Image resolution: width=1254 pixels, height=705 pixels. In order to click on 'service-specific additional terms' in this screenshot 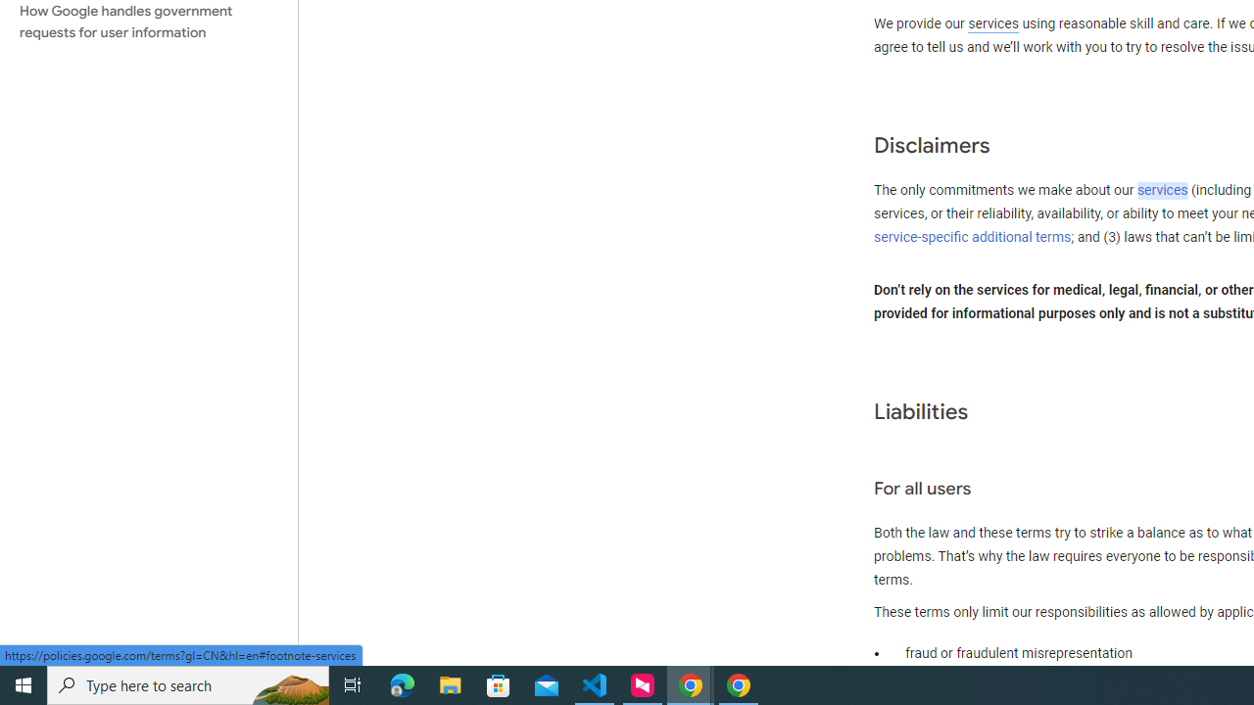, I will do `click(973, 236)`.